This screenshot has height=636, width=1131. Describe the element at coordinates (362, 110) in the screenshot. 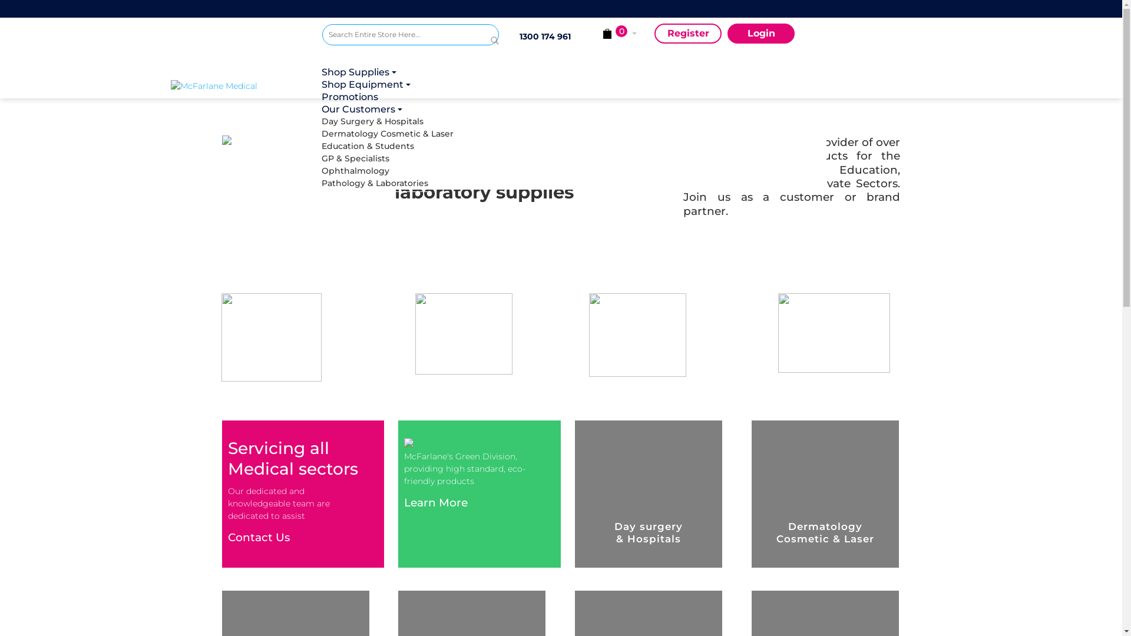

I see `'Our Customers  '` at that location.